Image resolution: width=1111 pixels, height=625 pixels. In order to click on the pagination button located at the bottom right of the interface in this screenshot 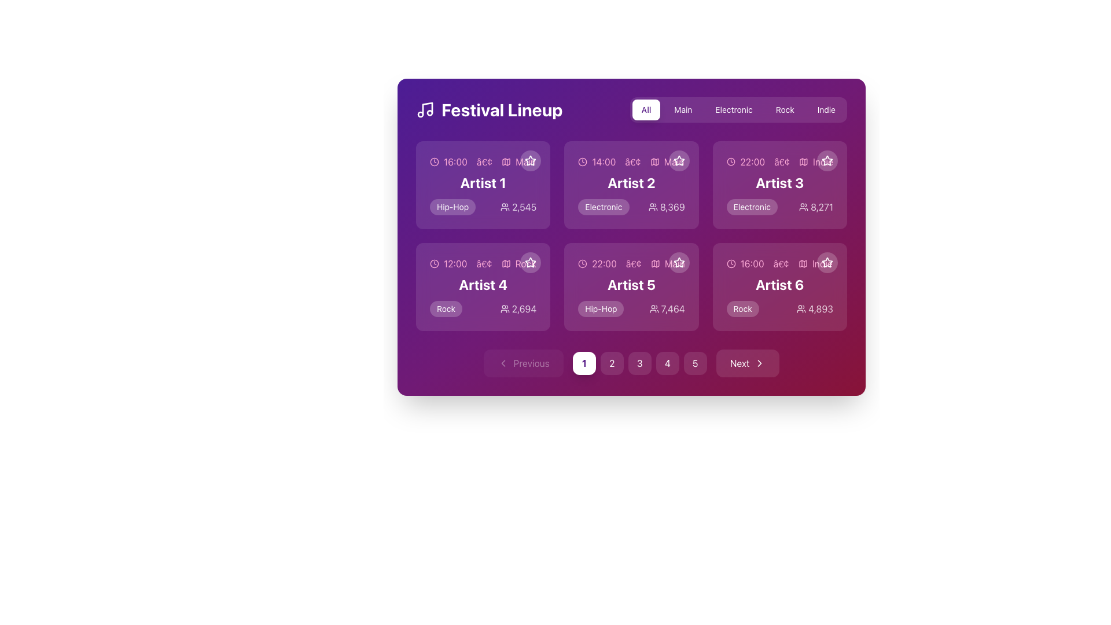, I will do `click(748, 363)`.